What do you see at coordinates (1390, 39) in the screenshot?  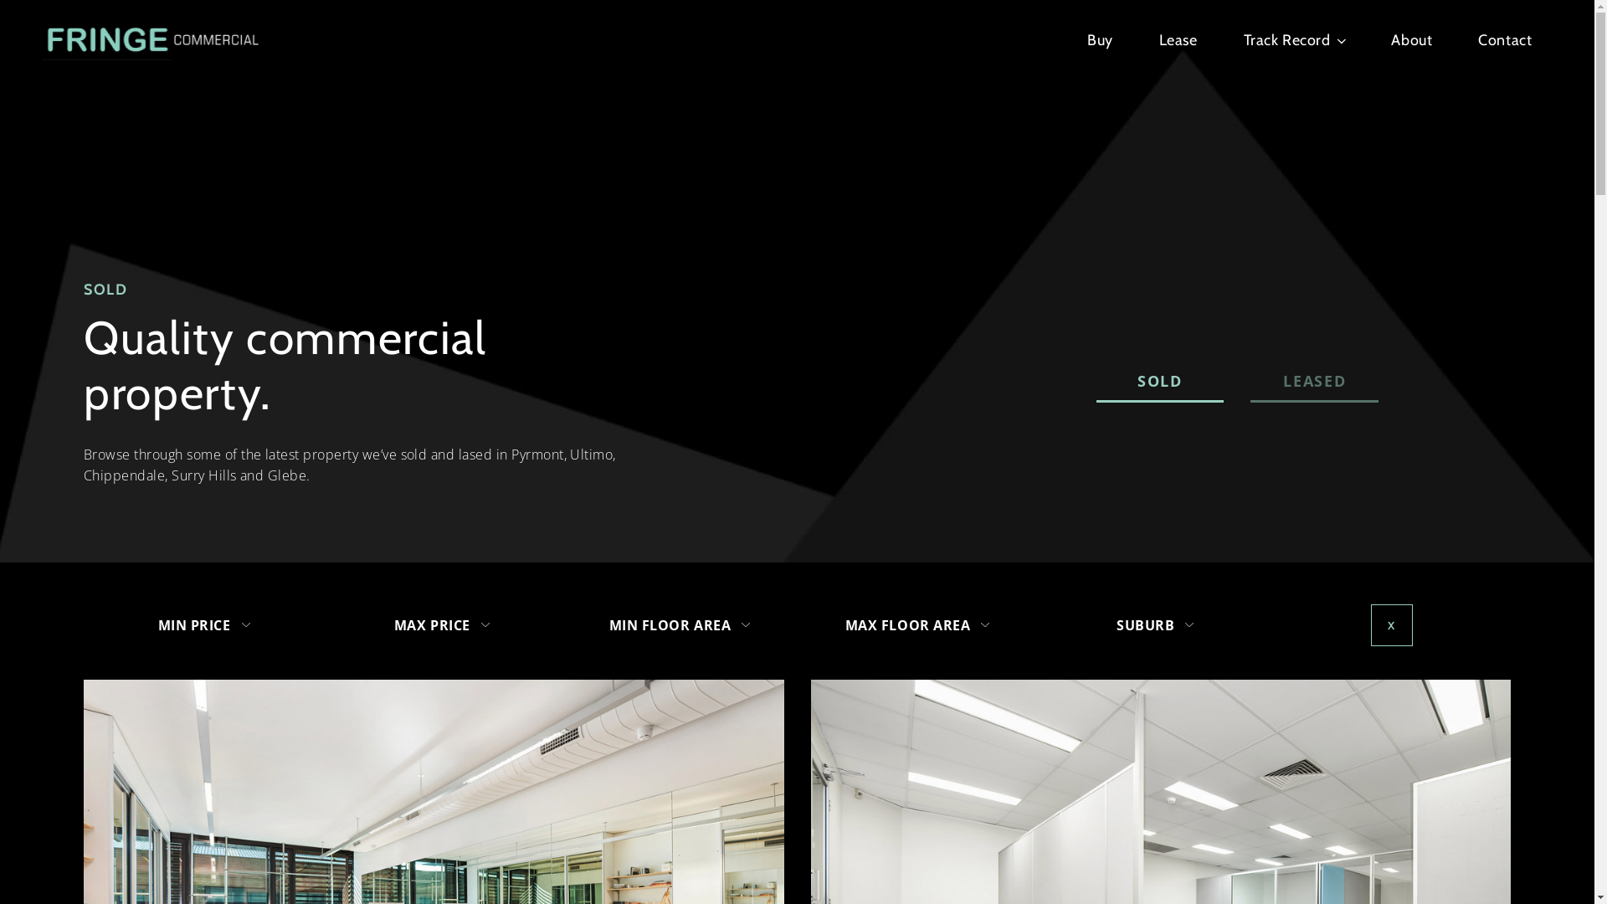 I see `'About'` at bounding box center [1390, 39].